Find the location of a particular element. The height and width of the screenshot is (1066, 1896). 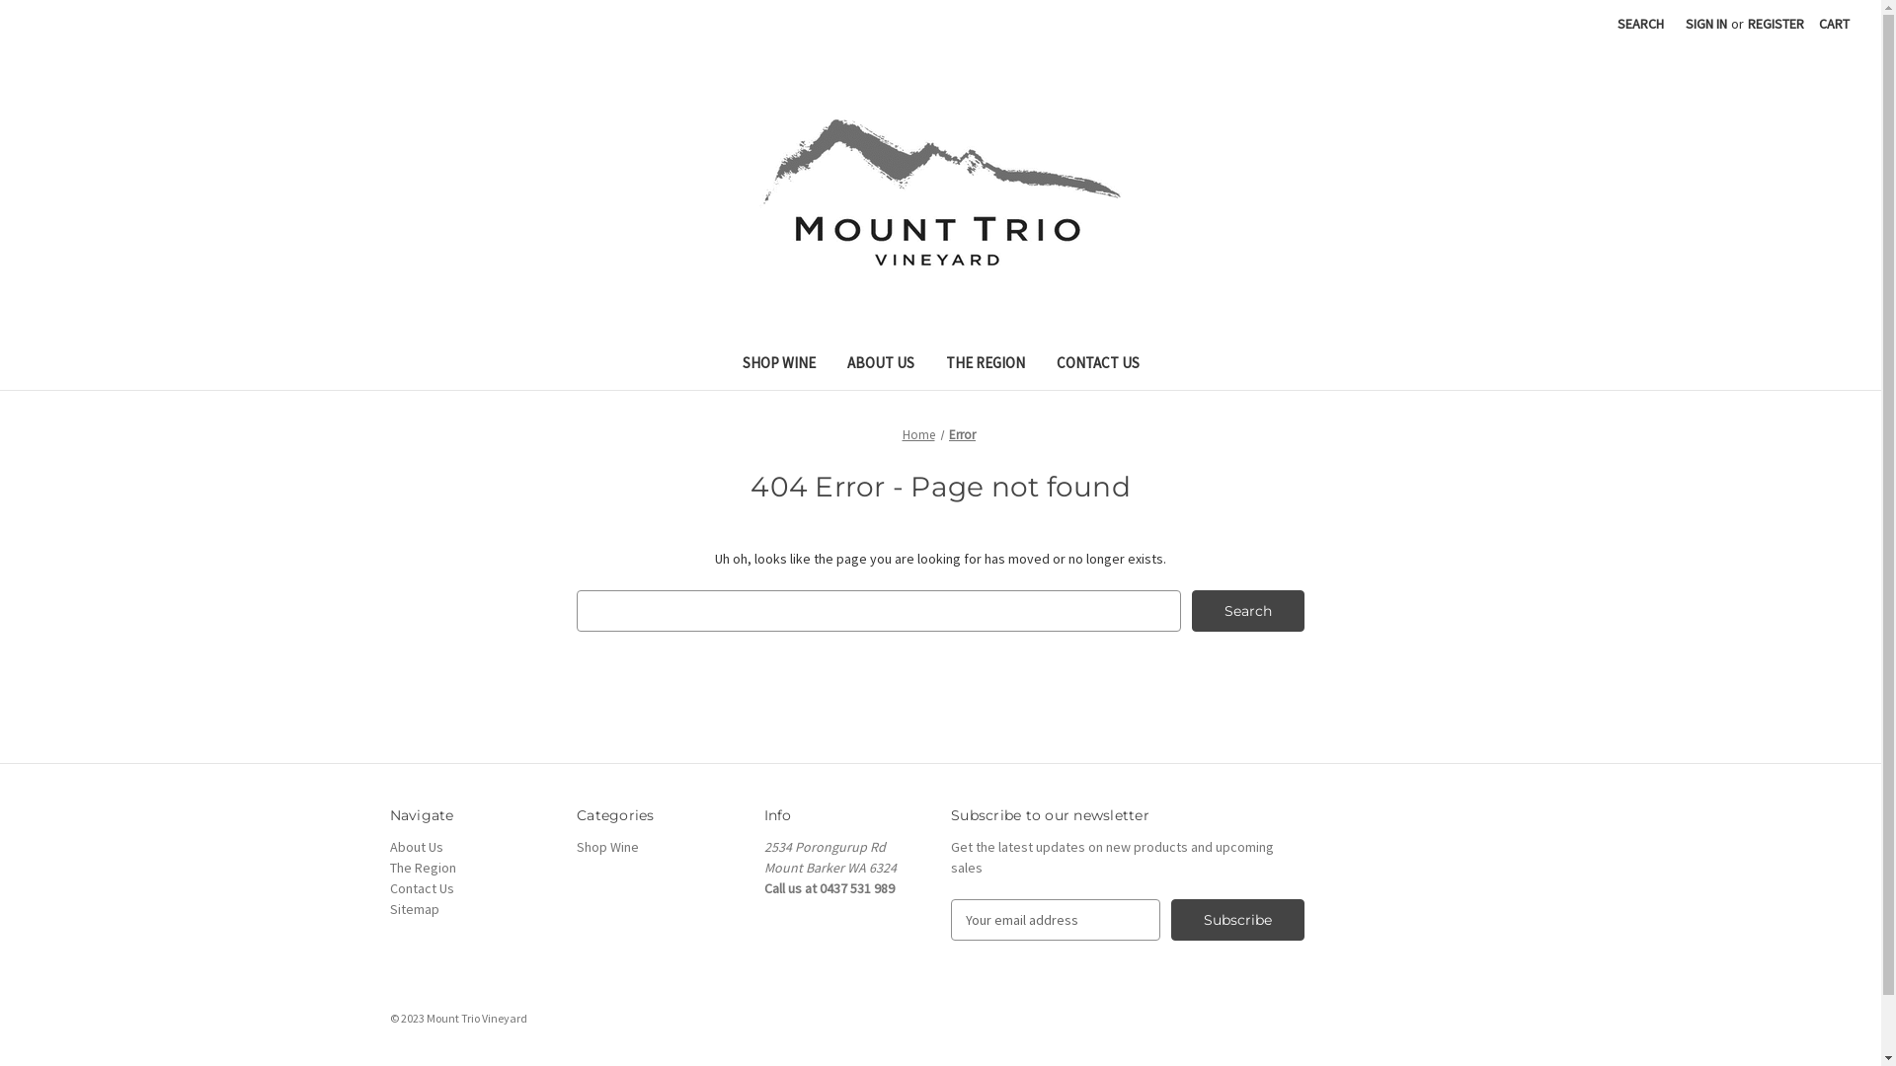

'REGISTER' is located at coordinates (1776, 24).